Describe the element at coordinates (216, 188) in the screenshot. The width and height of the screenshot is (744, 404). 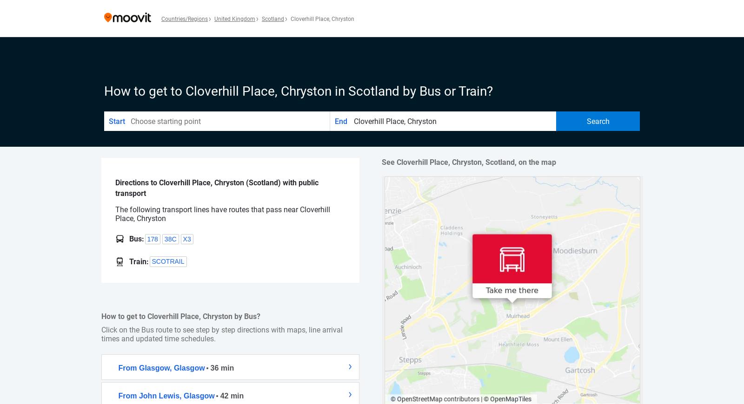
I see `'Directions to Cloverhill Place, Chryston (Scotland) with public transport'` at that location.